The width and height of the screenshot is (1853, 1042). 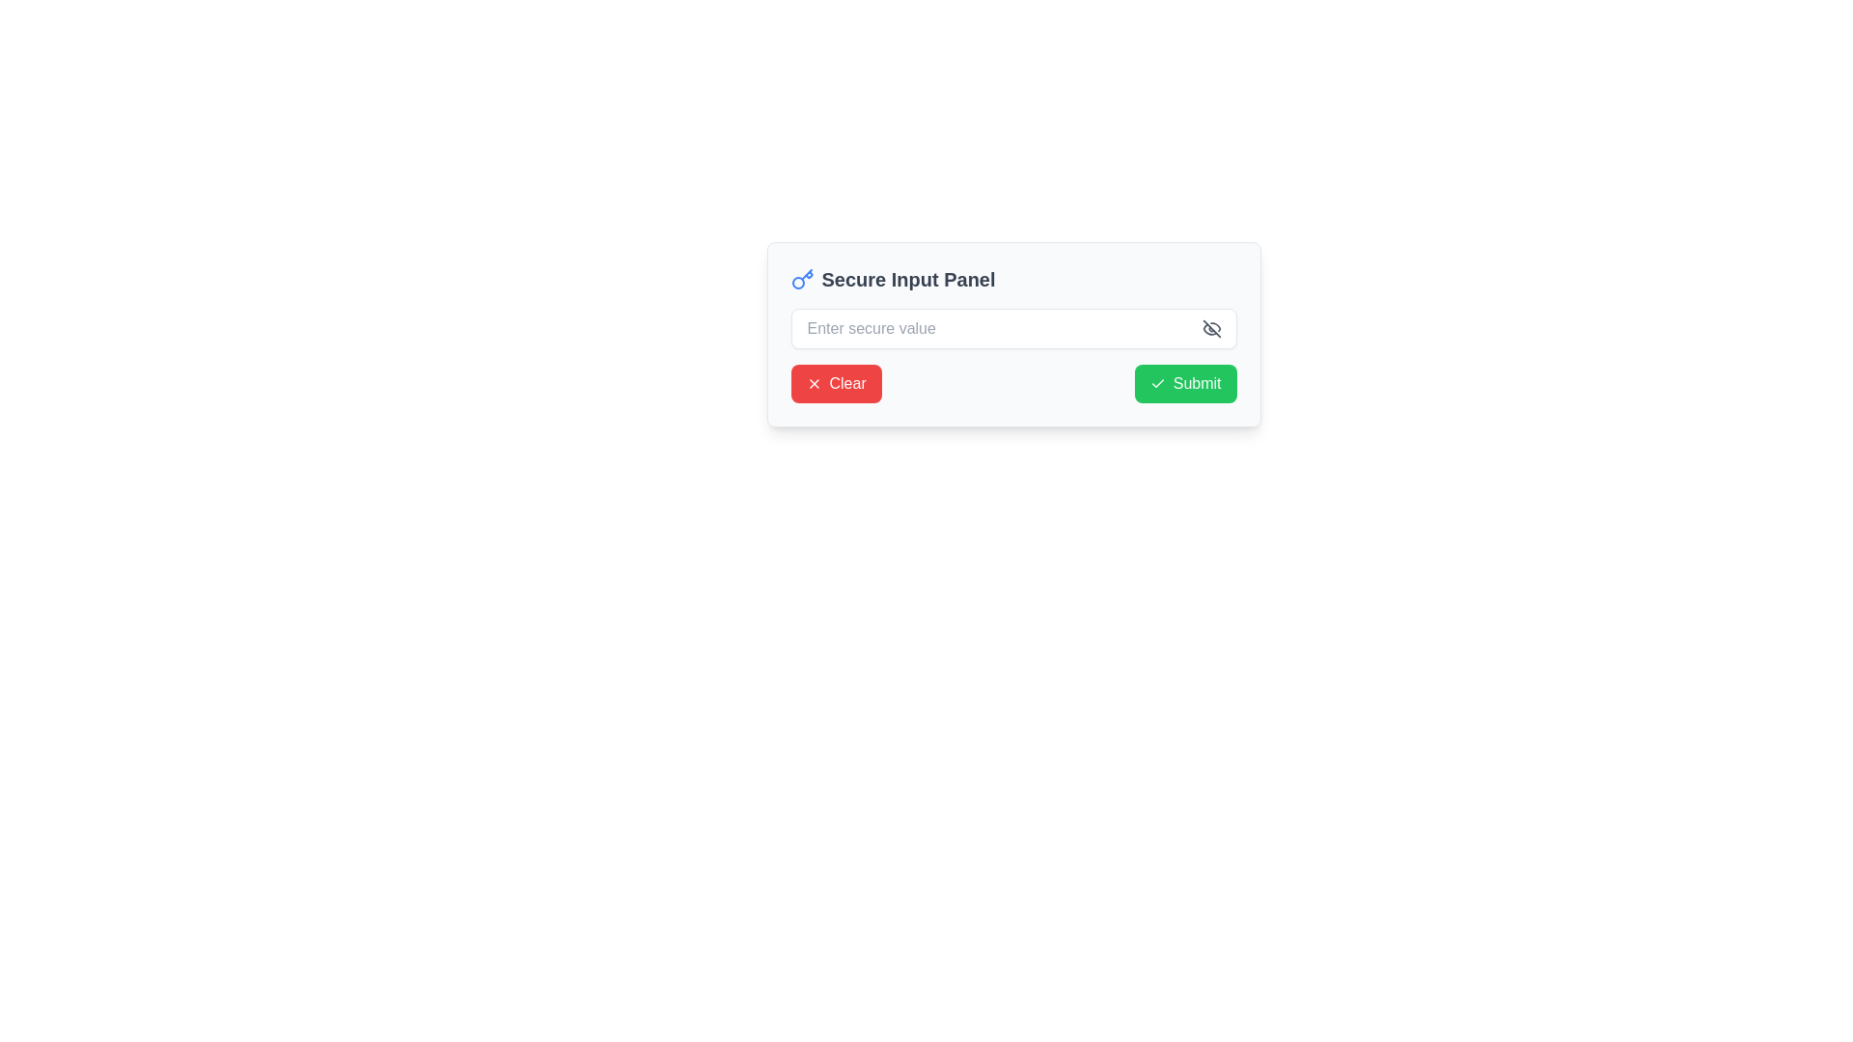 What do you see at coordinates (1210, 327) in the screenshot?
I see `the diagonal line of the eye-off icon within the Secure Input Panel, which is part of the SVG graphic` at bounding box center [1210, 327].